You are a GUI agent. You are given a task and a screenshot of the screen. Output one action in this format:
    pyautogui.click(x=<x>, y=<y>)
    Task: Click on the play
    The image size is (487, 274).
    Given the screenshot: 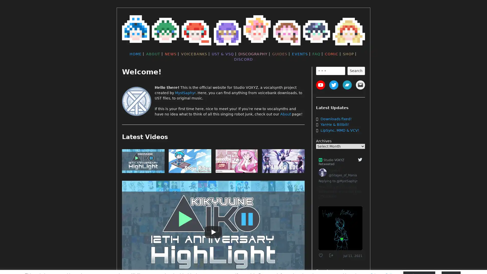 What is the action you would take?
    pyautogui.click(x=143, y=162)
    